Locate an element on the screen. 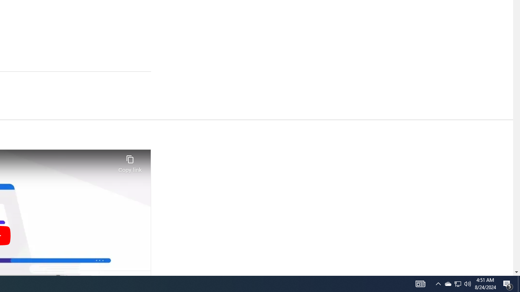 The image size is (520, 292). 'Copy link' is located at coordinates (130, 161).